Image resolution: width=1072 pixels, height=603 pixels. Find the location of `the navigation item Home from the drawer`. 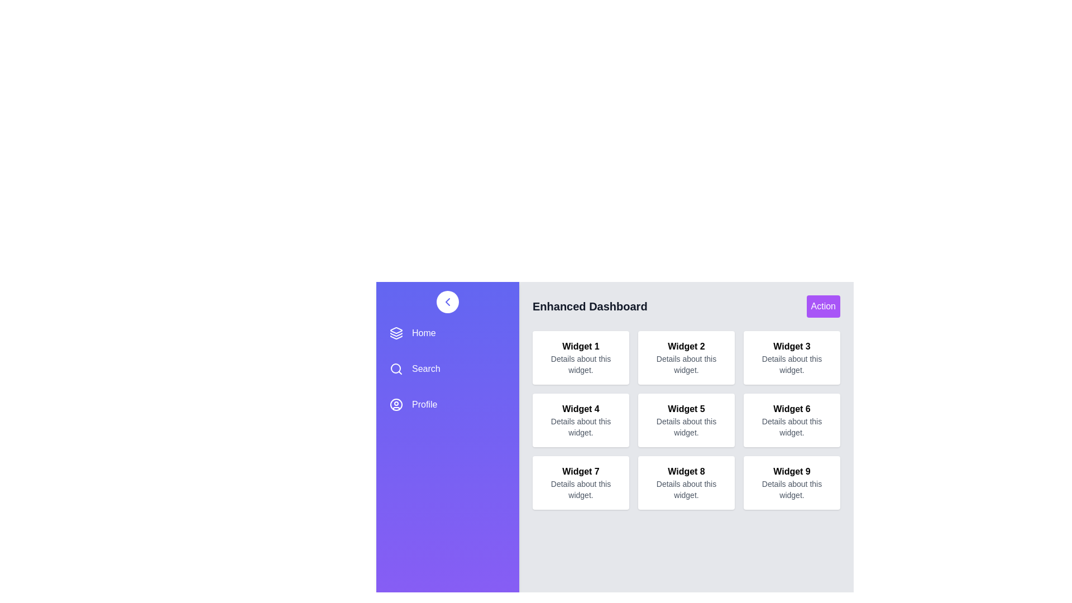

the navigation item Home from the drawer is located at coordinates (447, 333).